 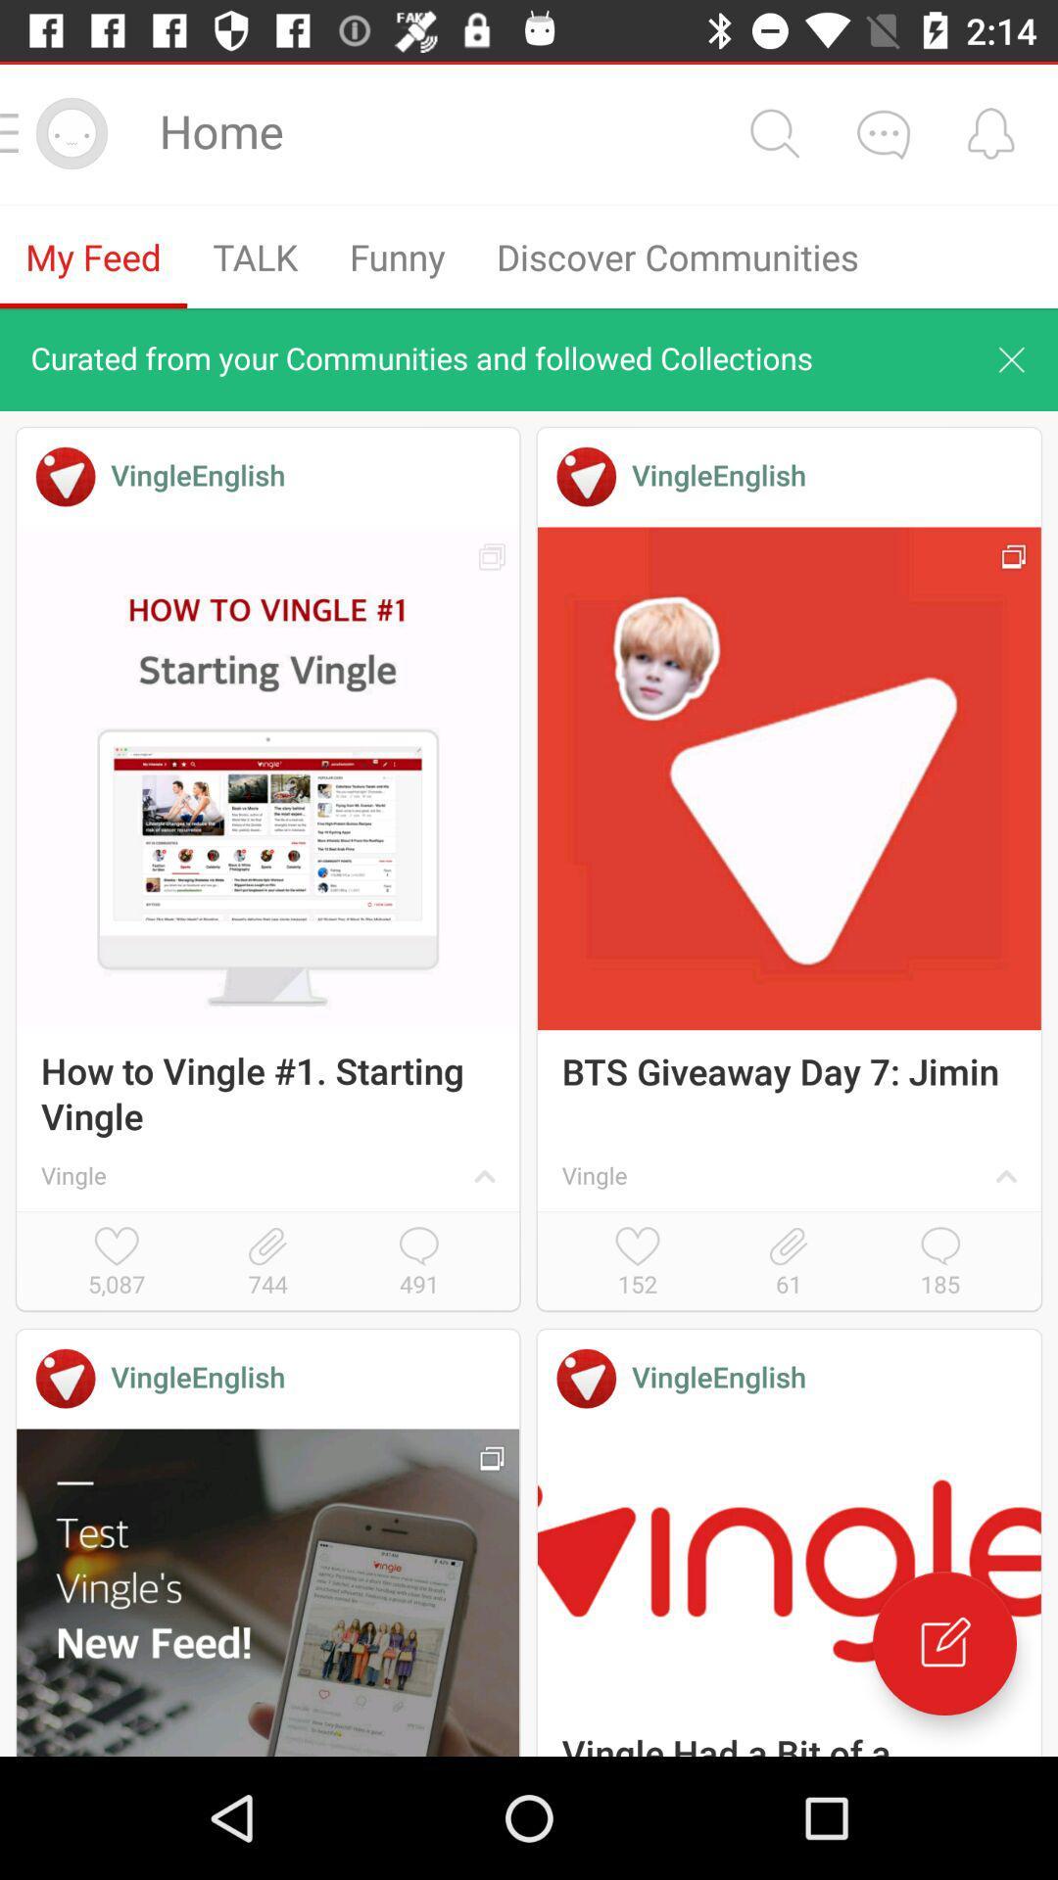 I want to click on 5,087, so click(x=117, y=1263).